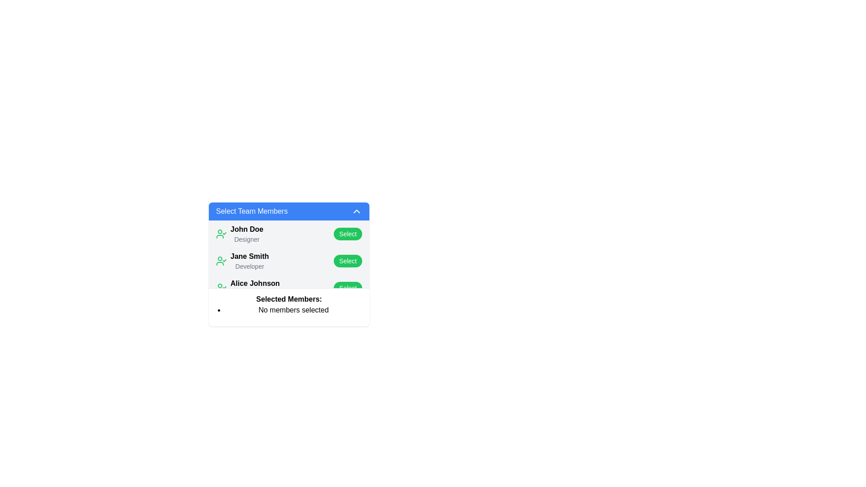 The height and width of the screenshot is (487, 866). What do you see at coordinates (221, 261) in the screenshot?
I see `the user icon representing 'Jane Smith, Developer' which indicates a confirmation or selected status, located on the leftmost side of the list item` at bounding box center [221, 261].